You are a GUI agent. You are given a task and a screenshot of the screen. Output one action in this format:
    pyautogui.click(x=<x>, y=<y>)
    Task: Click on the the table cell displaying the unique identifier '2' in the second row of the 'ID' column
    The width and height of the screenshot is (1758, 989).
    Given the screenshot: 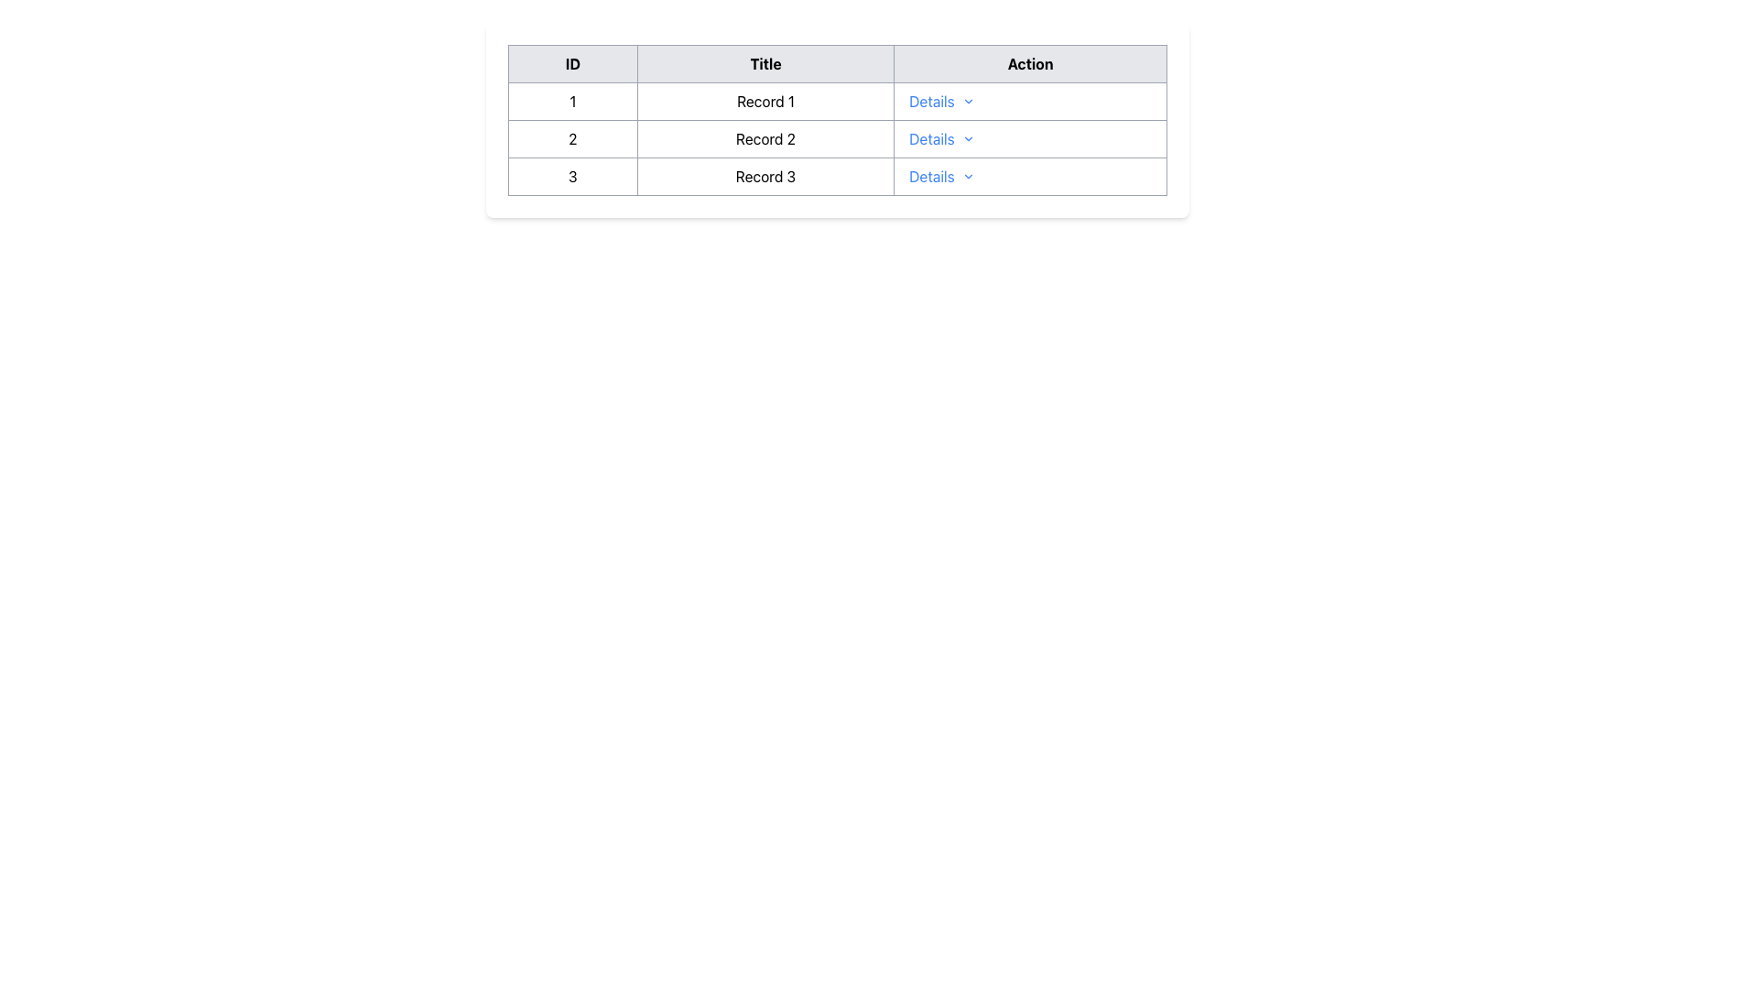 What is the action you would take?
    pyautogui.click(x=571, y=137)
    